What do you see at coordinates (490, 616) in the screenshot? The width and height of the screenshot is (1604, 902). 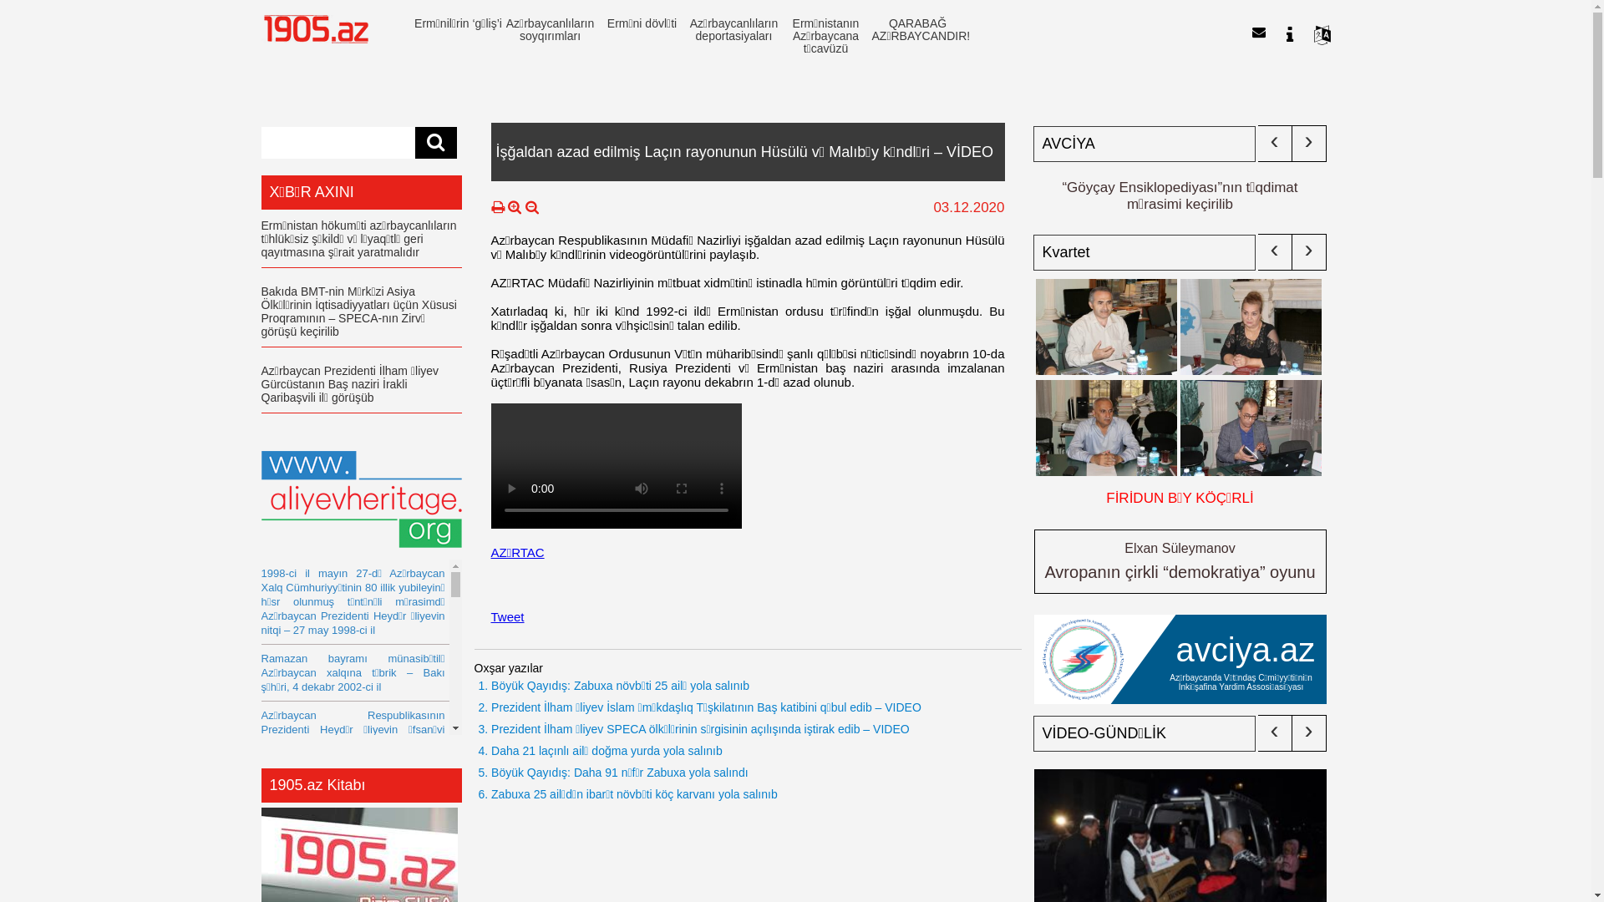 I see `'Tweet'` at bounding box center [490, 616].